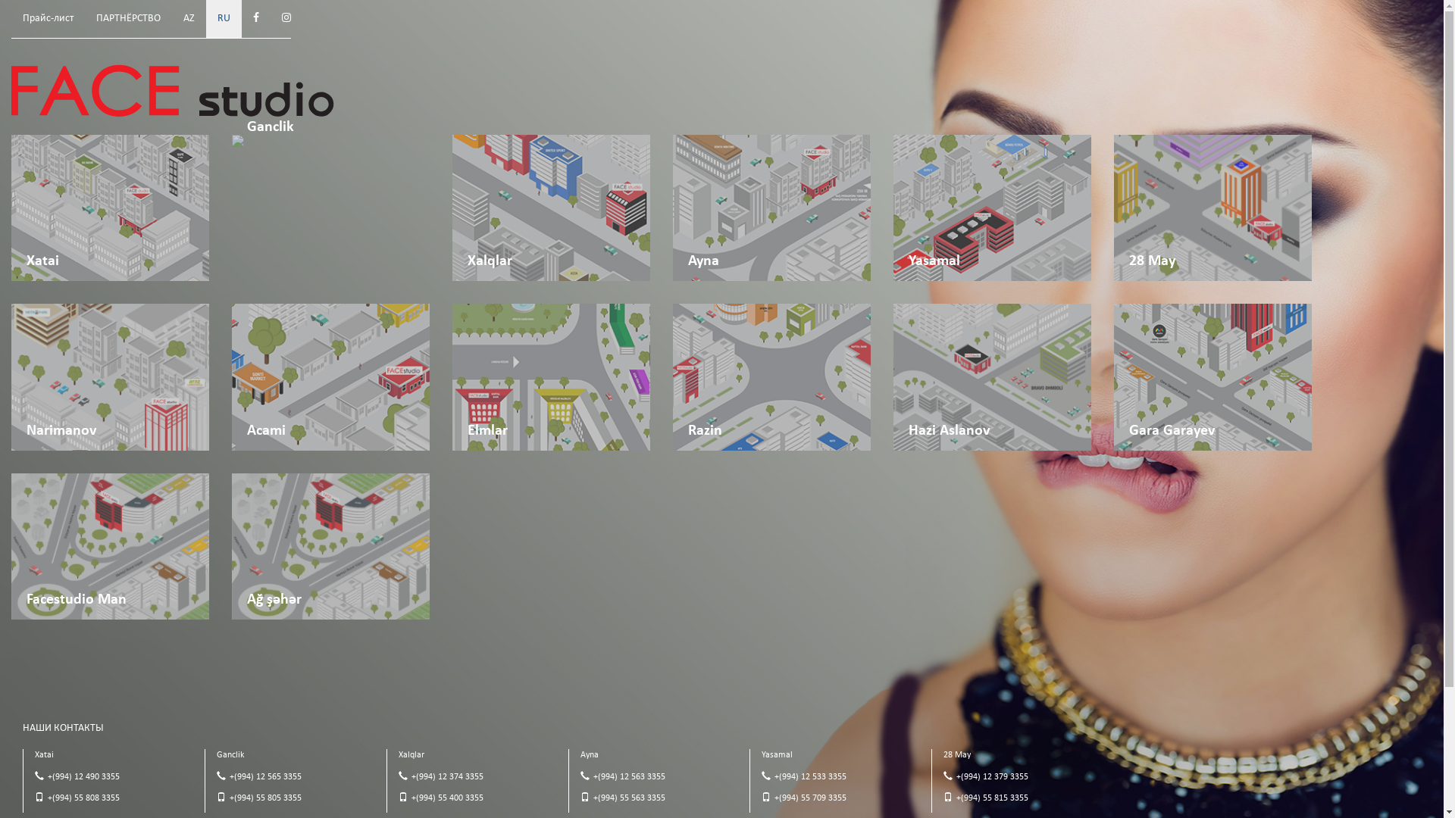  What do you see at coordinates (992, 376) in the screenshot?
I see `'Hazi Aslanov'` at bounding box center [992, 376].